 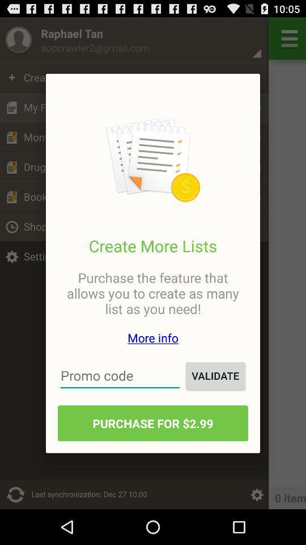 What do you see at coordinates (120, 375) in the screenshot?
I see `the icon next to validate item` at bounding box center [120, 375].